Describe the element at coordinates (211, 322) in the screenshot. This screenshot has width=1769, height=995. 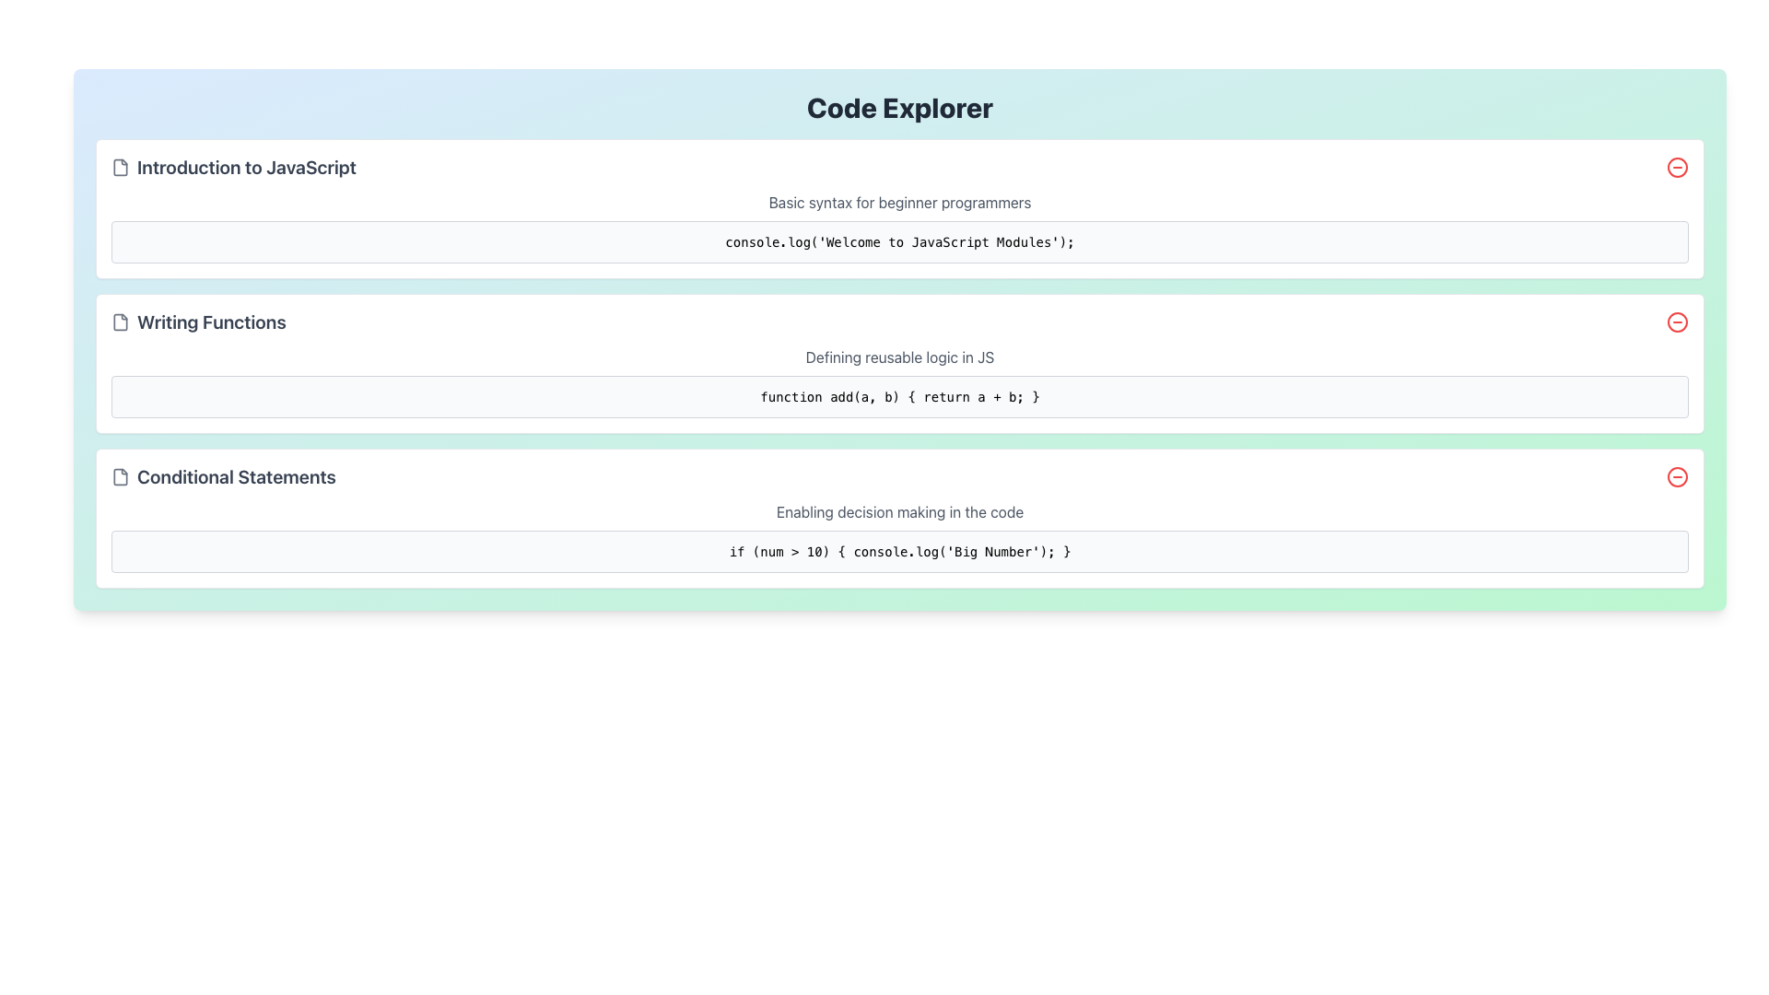
I see `the title of the second item in the 'Code Explorer', which is a Text Label indicating a topic related to writing functions` at that location.